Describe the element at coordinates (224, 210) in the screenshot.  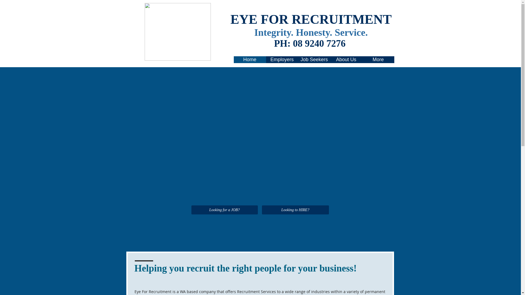
I see `'Looking for a JOB?'` at that location.